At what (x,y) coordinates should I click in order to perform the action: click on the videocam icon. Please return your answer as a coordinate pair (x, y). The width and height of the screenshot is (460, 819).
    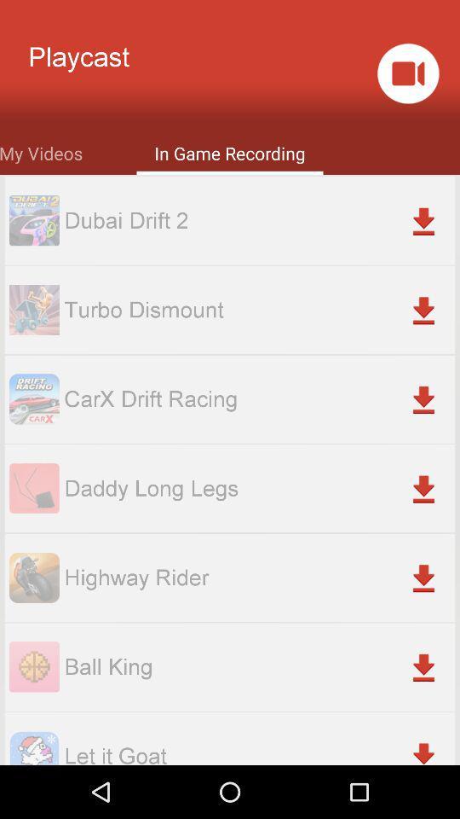
    Looking at the image, I should click on (407, 78).